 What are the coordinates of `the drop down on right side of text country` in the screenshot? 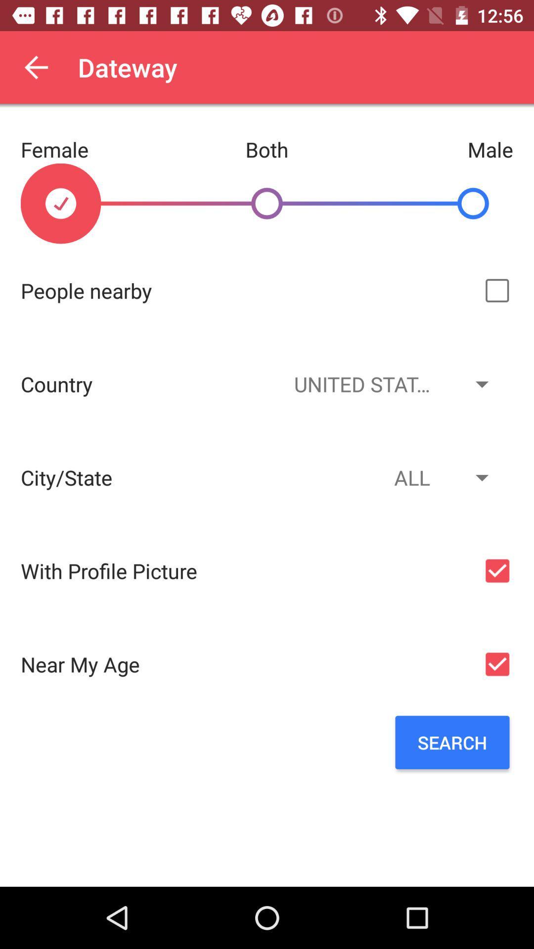 It's located at (390, 384).